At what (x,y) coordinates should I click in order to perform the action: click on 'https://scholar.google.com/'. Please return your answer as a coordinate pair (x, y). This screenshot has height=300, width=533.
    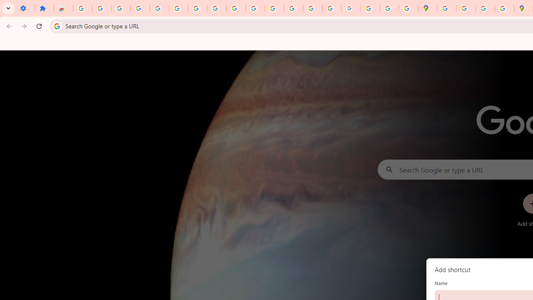
    Looking at the image, I should click on (274, 8).